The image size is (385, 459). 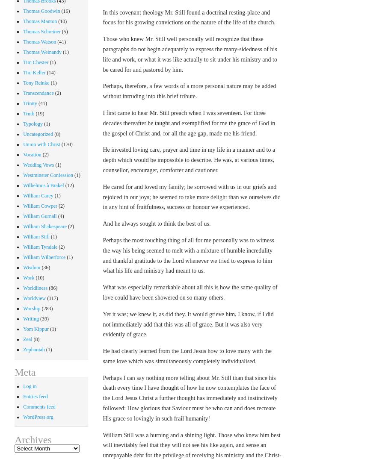 I want to click on '(12)', so click(x=68, y=185).